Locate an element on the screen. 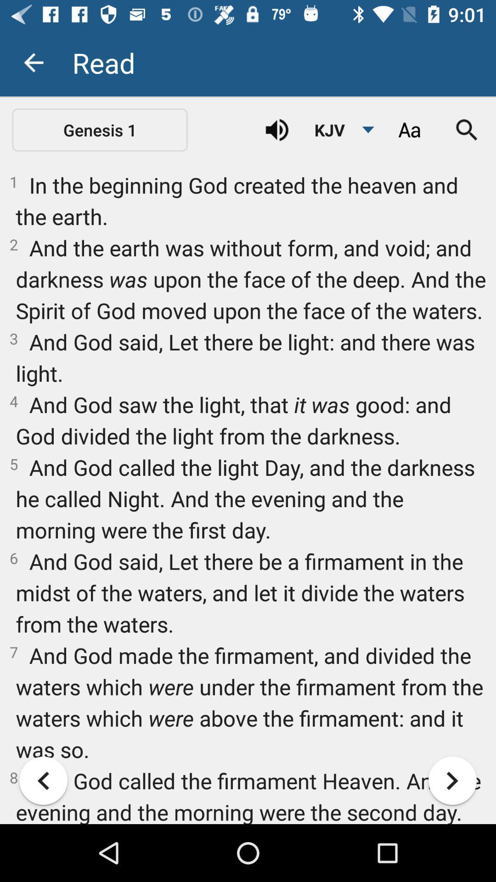  genesis 1 icon is located at coordinates (100, 130).